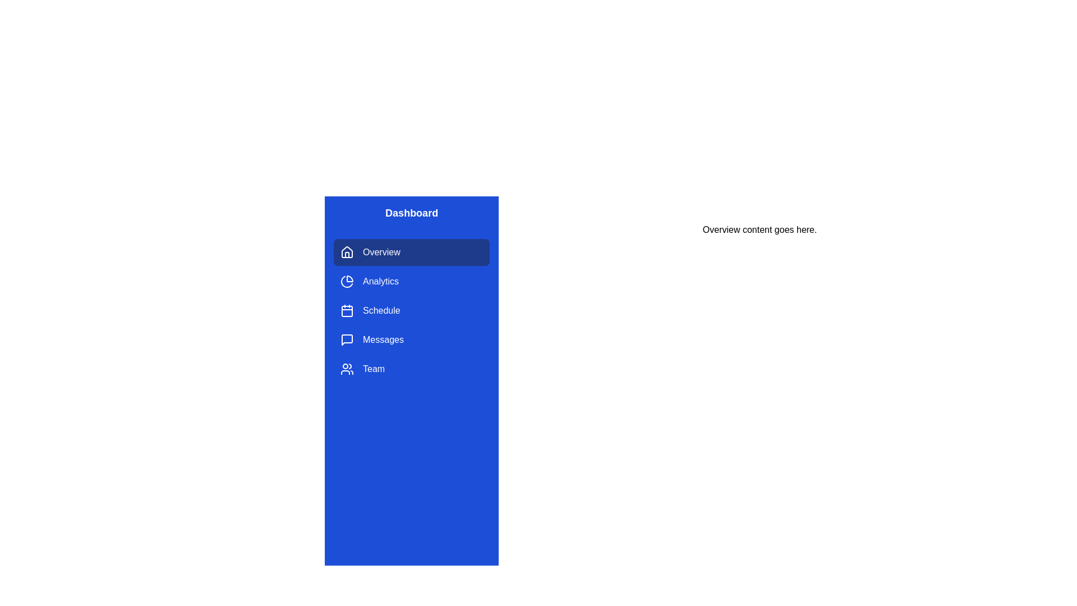  What do you see at coordinates (347, 339) in the screenshot?
I see `the decorative 'Messages' icon in the blue vertical navigation menu, located between 'Schedule' and 'Team'` at bounding box center [347, 339].